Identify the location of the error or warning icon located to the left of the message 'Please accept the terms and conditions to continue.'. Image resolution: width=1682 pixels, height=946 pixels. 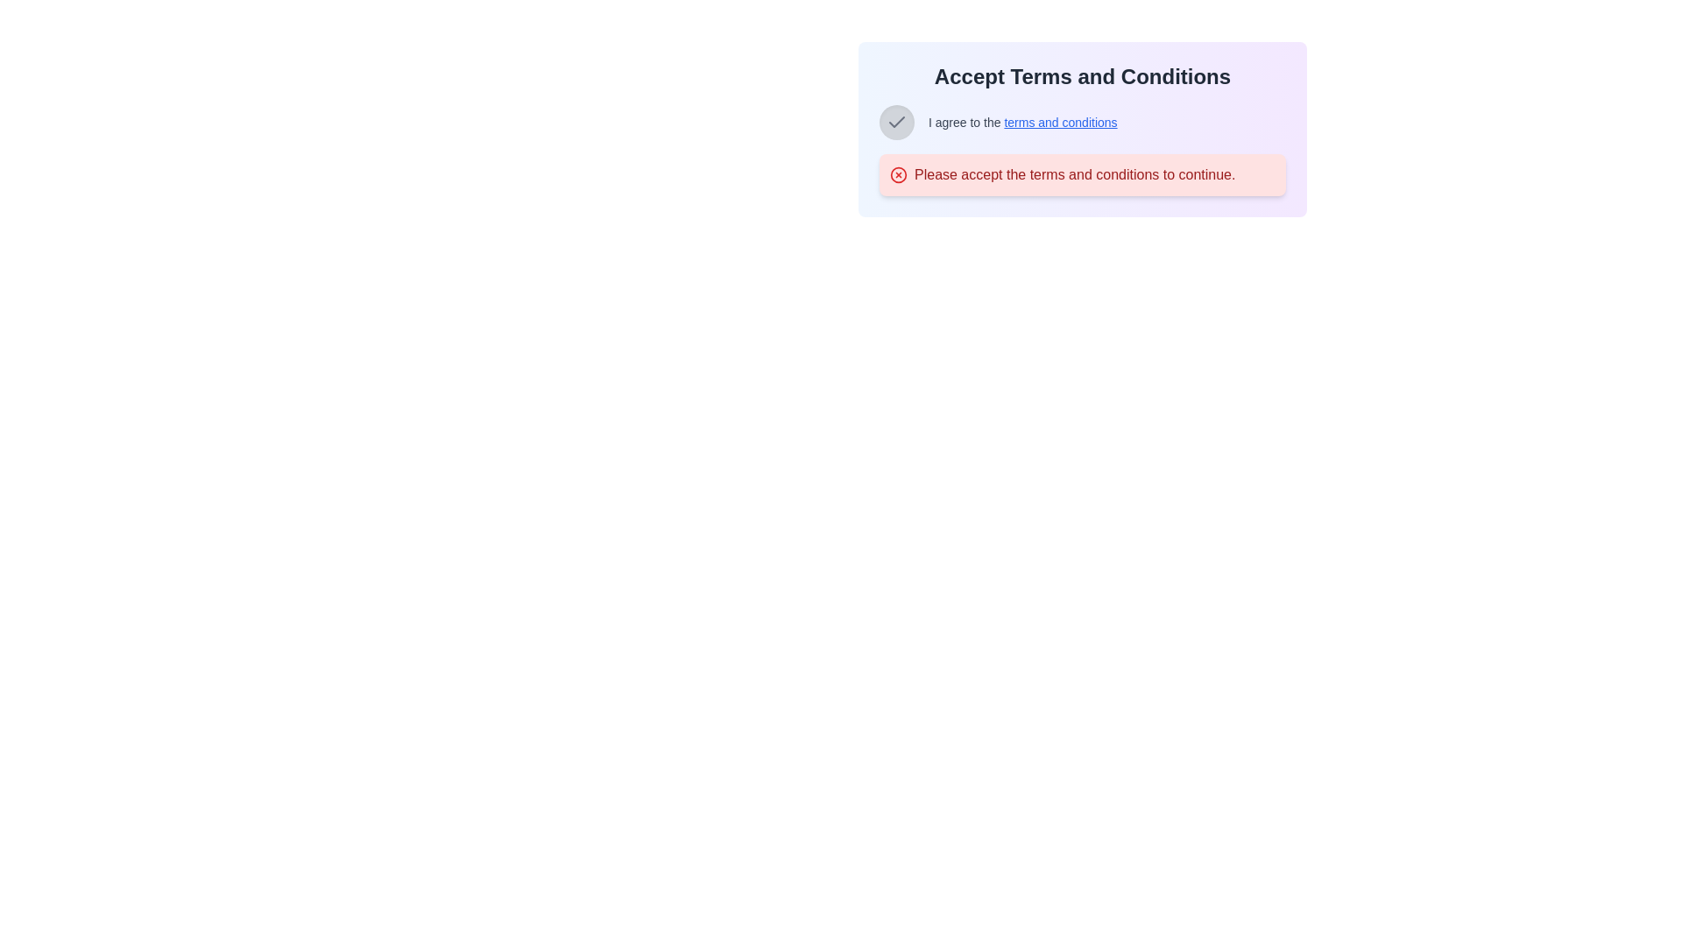
(899, 175).